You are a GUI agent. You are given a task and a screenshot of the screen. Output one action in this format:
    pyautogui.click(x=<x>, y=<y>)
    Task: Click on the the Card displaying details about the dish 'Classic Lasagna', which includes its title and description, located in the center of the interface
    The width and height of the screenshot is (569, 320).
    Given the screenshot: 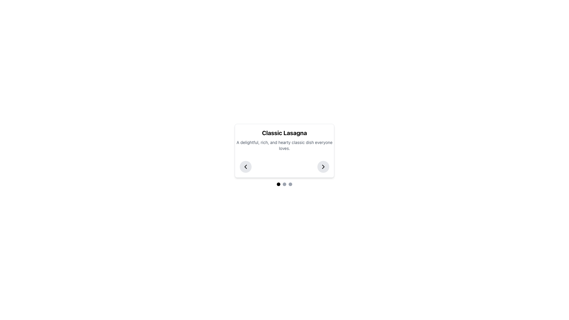 What is the action you would take?
    pyautogui.click(x=284, y=155)
    